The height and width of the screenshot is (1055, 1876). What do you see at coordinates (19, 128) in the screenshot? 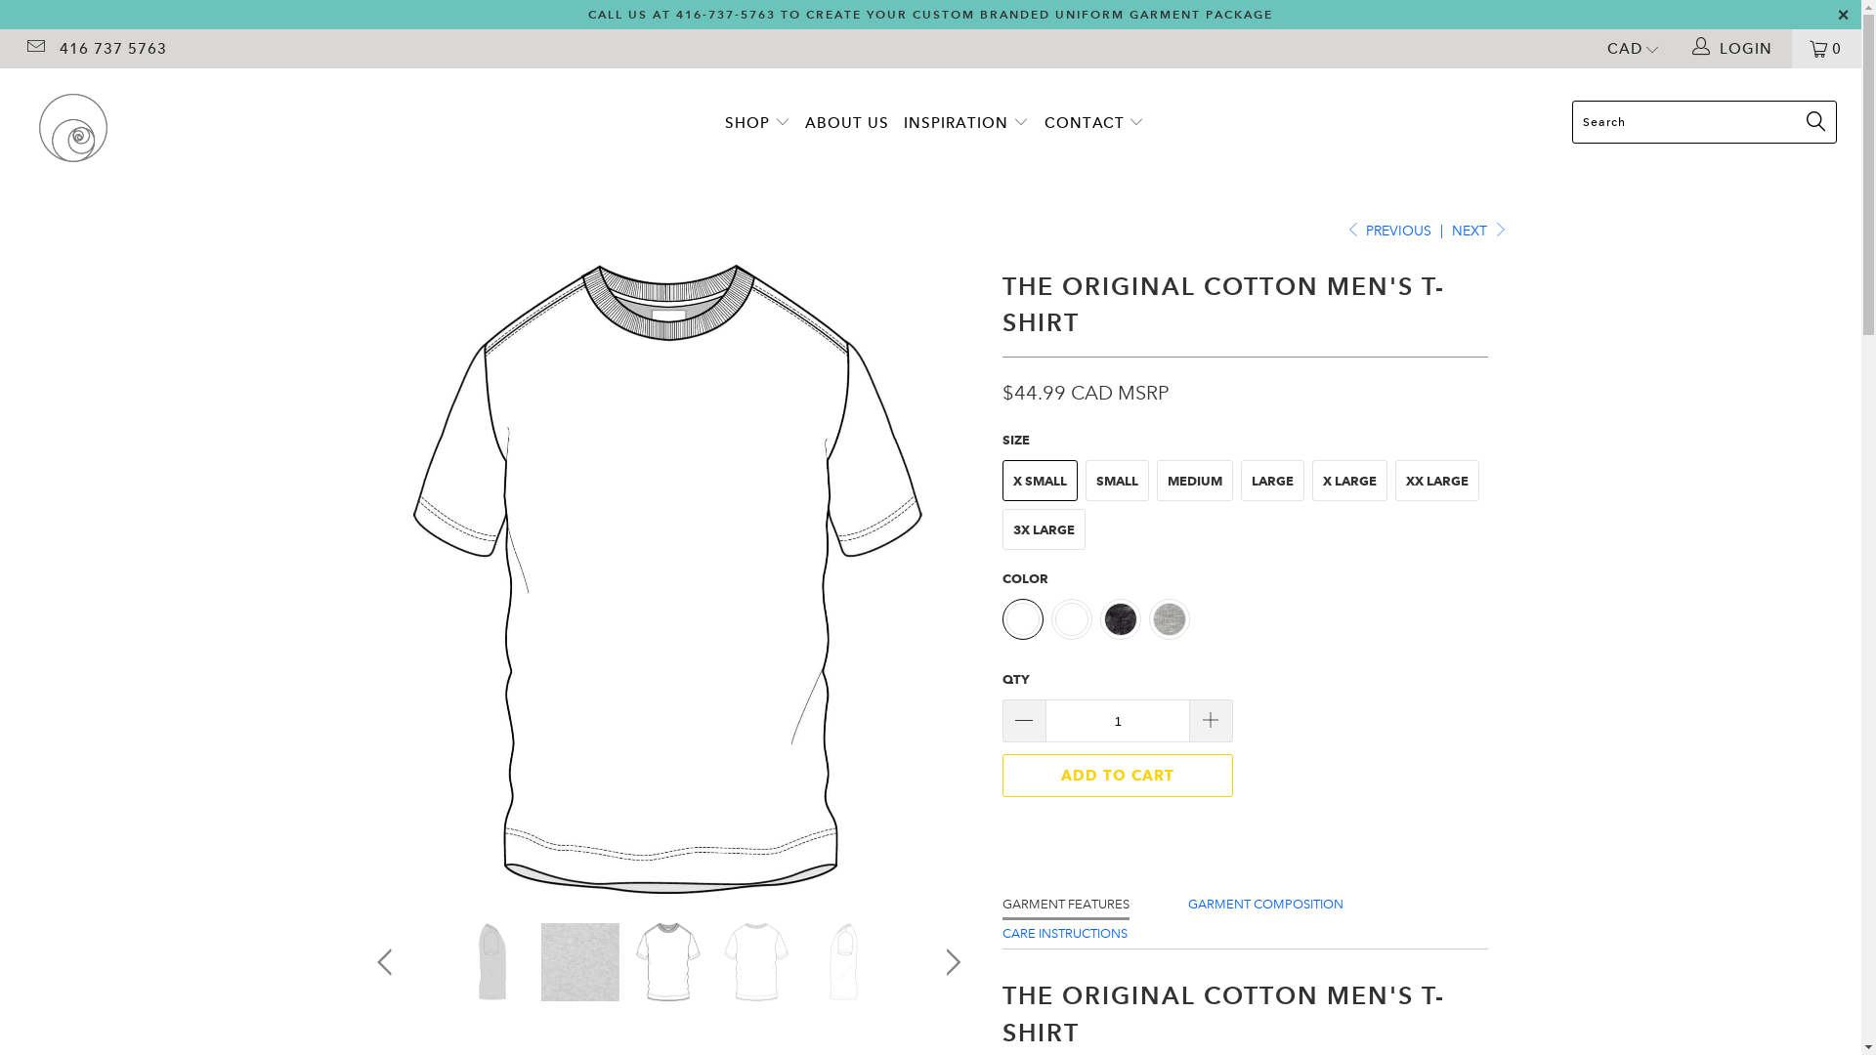
I see `'APIUM APPAREL'` at bounding box center [19, 128].